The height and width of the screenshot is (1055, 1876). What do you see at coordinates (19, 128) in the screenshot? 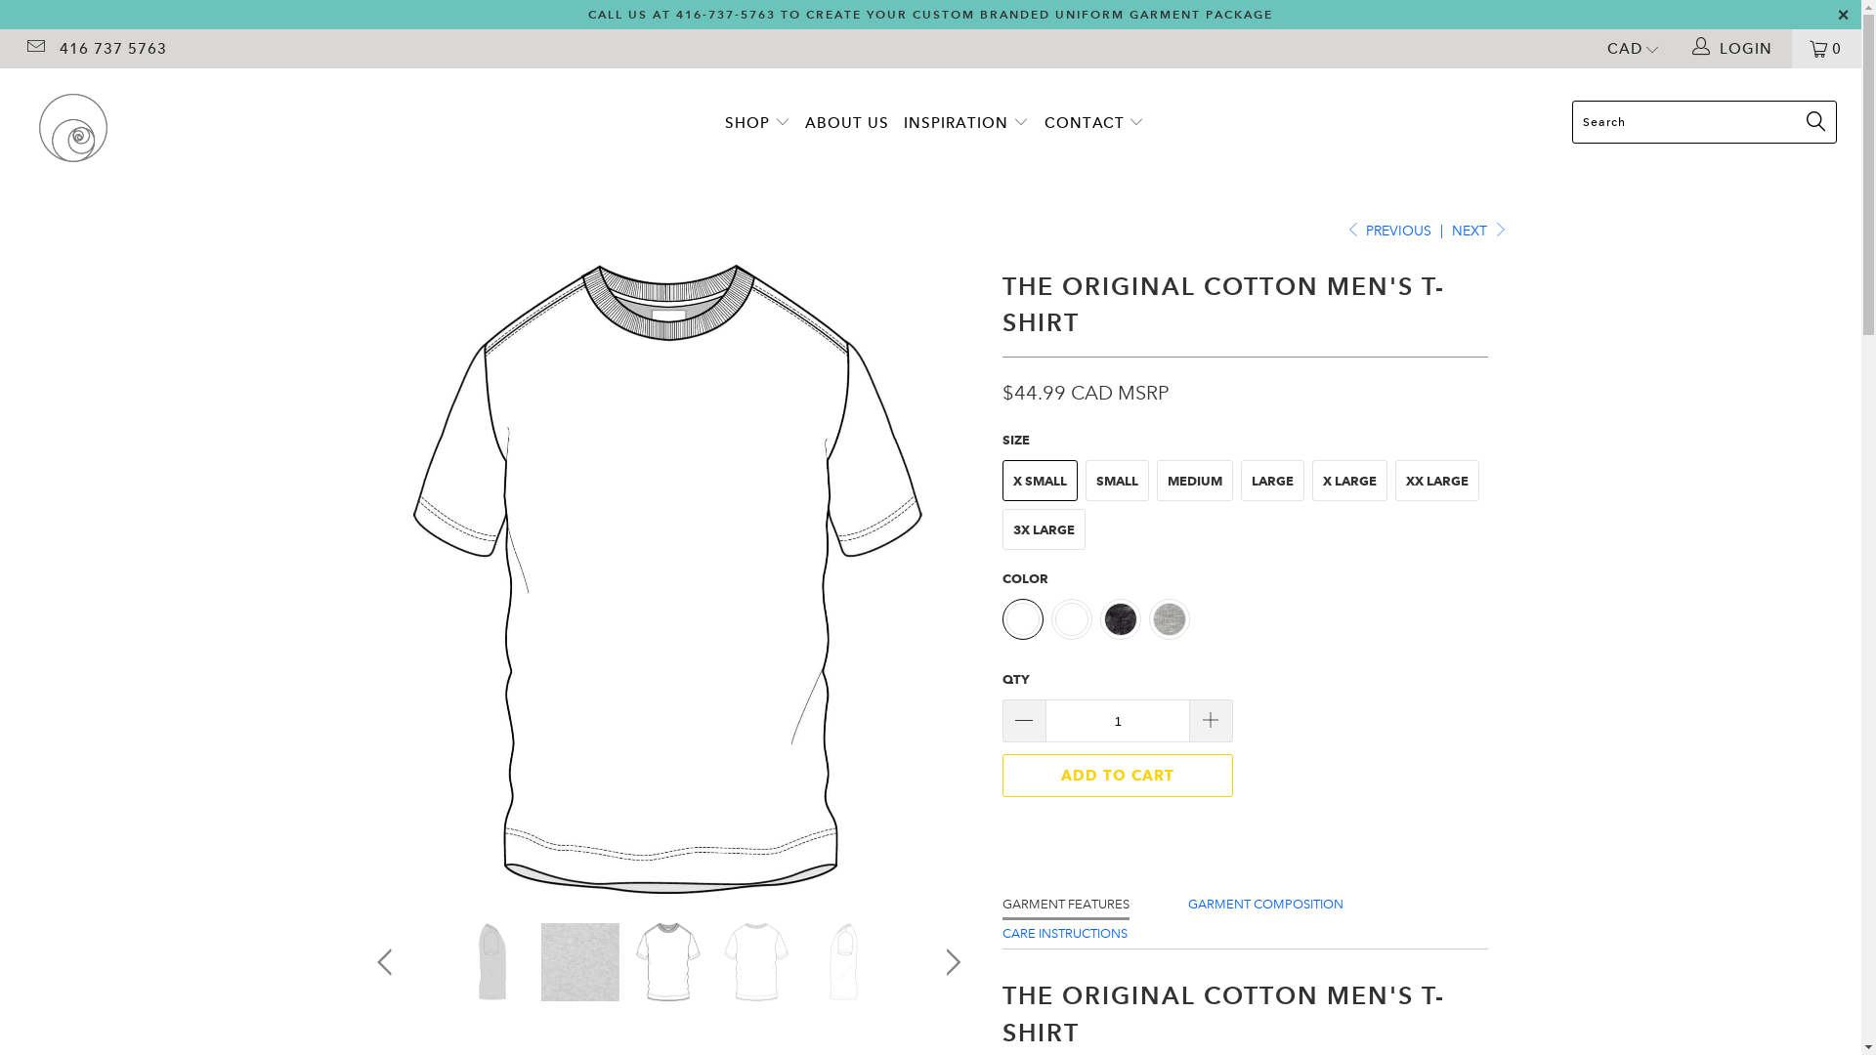
I see `'APIUM APPAREL'` at bounding box center [19, 128].